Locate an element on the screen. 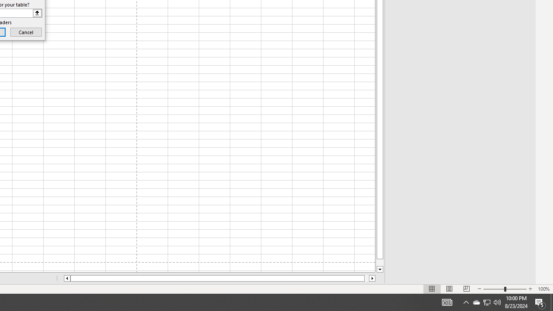  'Normal' is located at coordinates (432, 289).